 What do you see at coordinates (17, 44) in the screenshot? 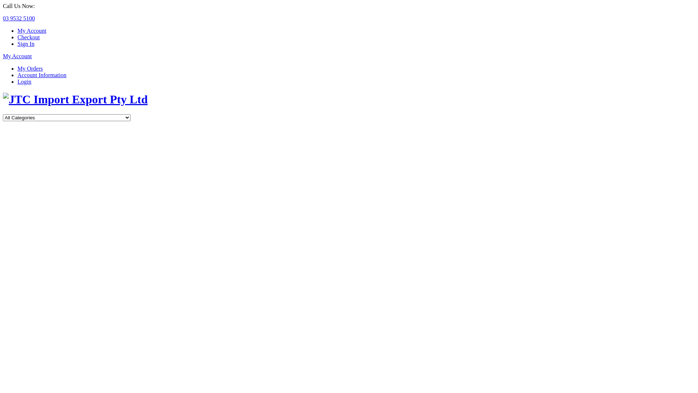
I see `'Sign In'` at bounding box center [17, 44].